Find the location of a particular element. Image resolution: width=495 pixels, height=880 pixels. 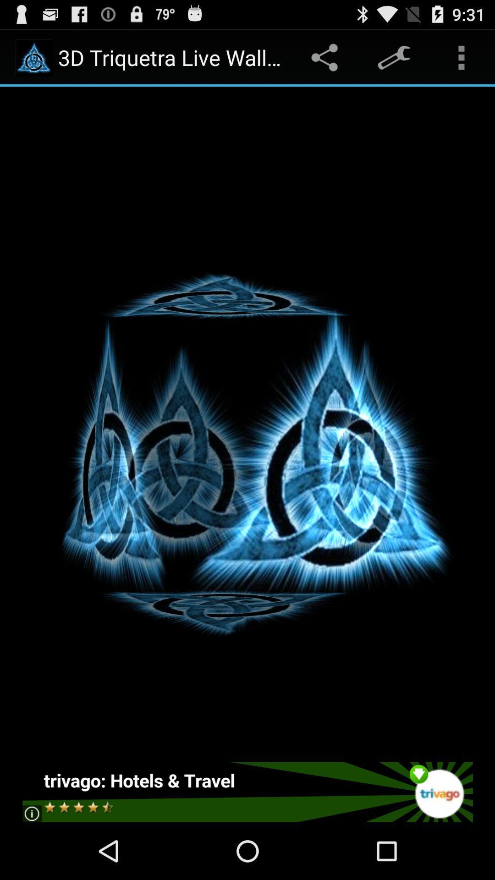

item to the right of the 3d triquetra live icon is located at coordinates (326, 57).